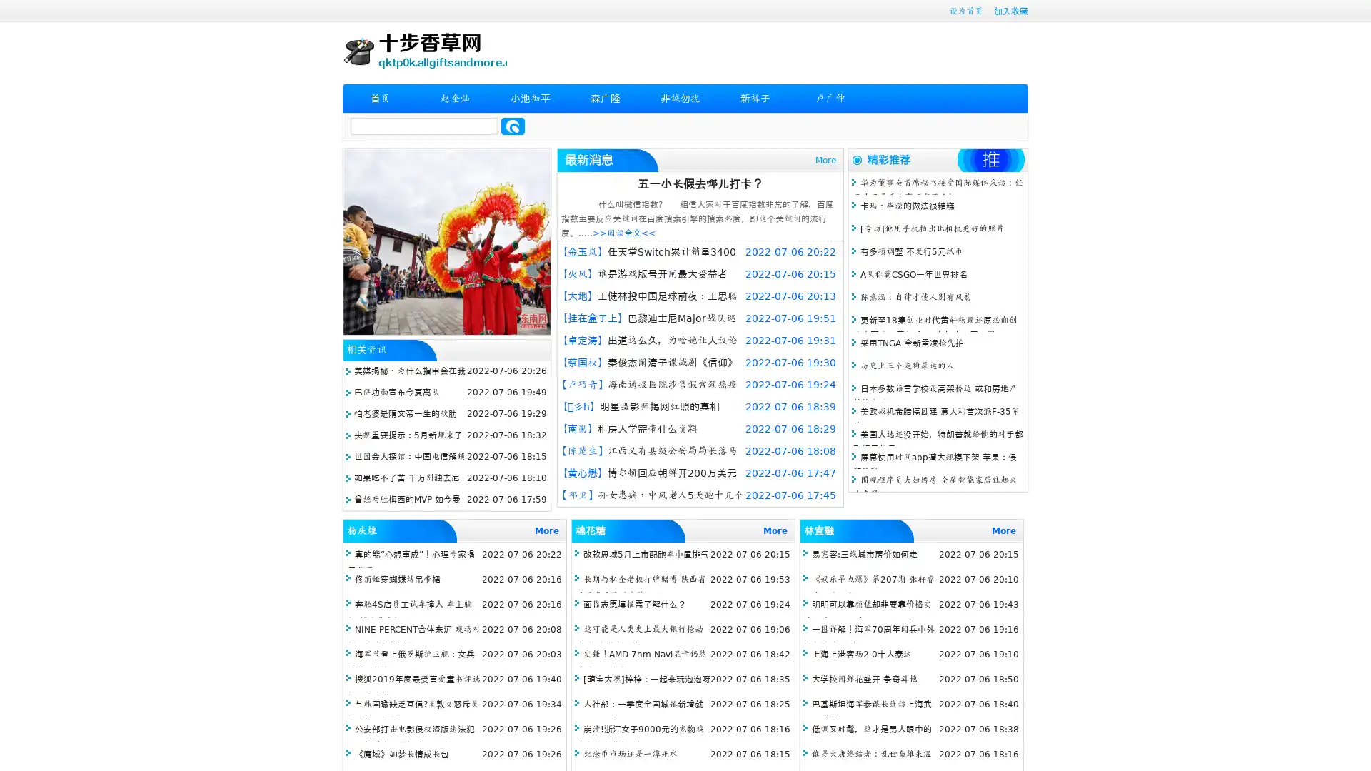 The width and height of the screenshot is (1371, 771). What do you see at coordinates (513, 126) in the screenshot?
I see `Search` at bounding box center [513, 126].